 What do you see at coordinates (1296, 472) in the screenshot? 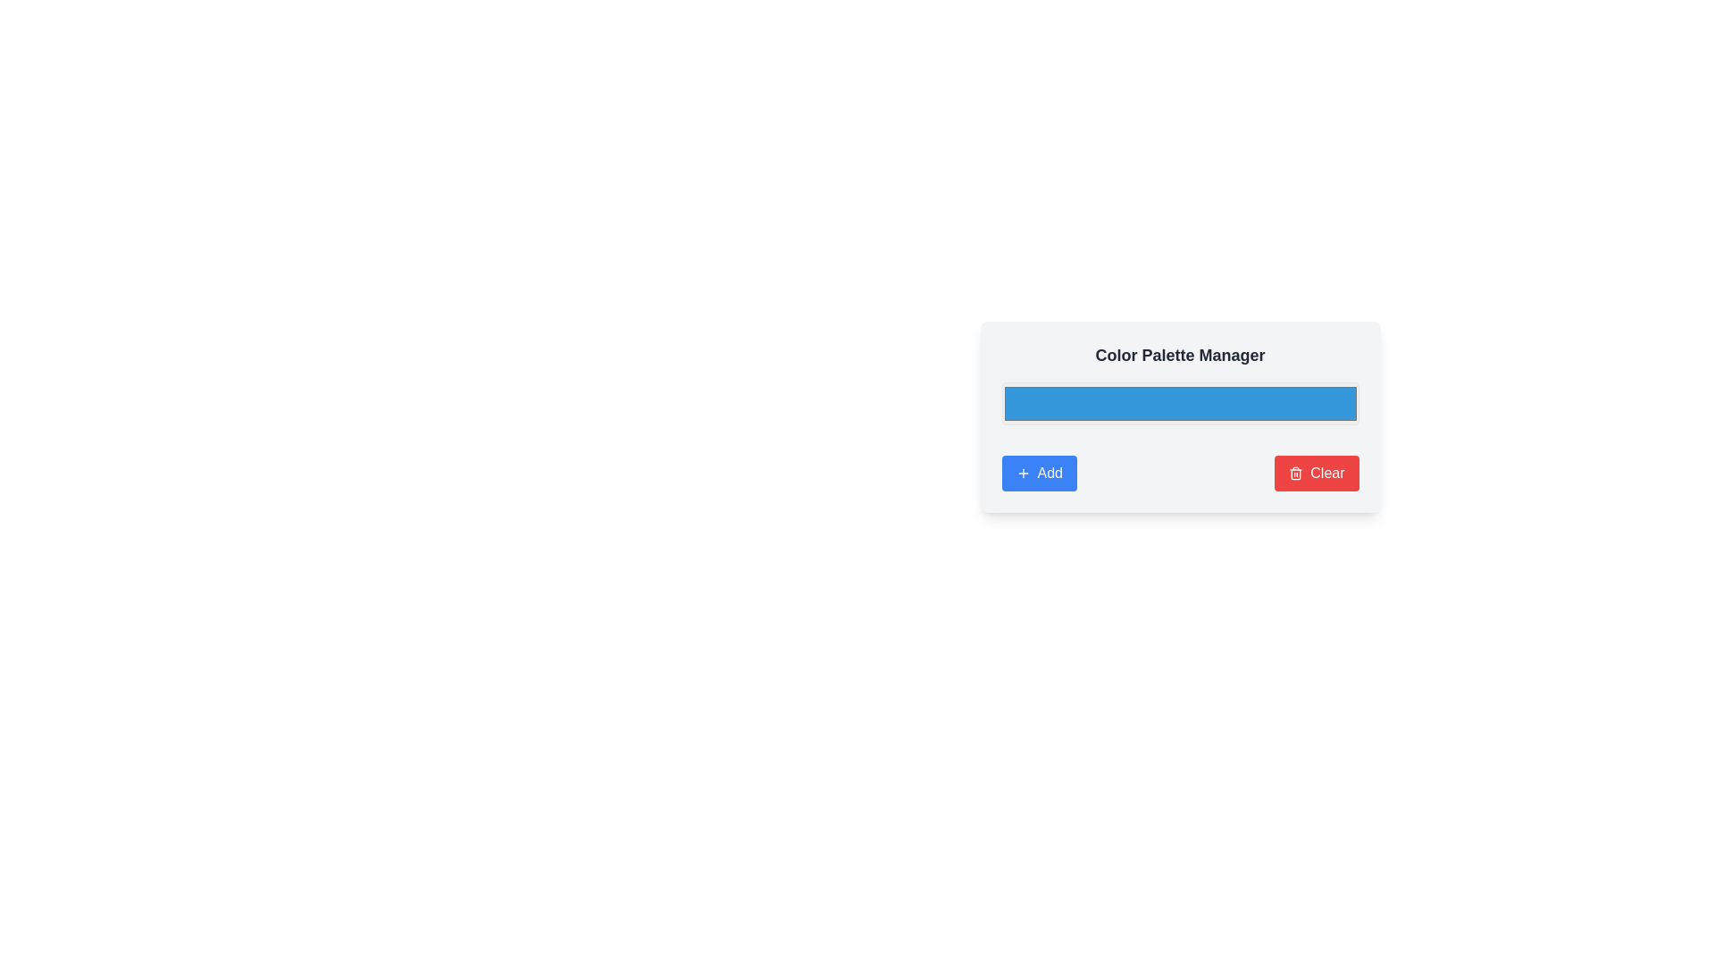
I see `the trash can icon within the red 'Clear' button located at the bottom-right corner of the 'Color Palette Manager' modal` at bounding box center [1296, 472].